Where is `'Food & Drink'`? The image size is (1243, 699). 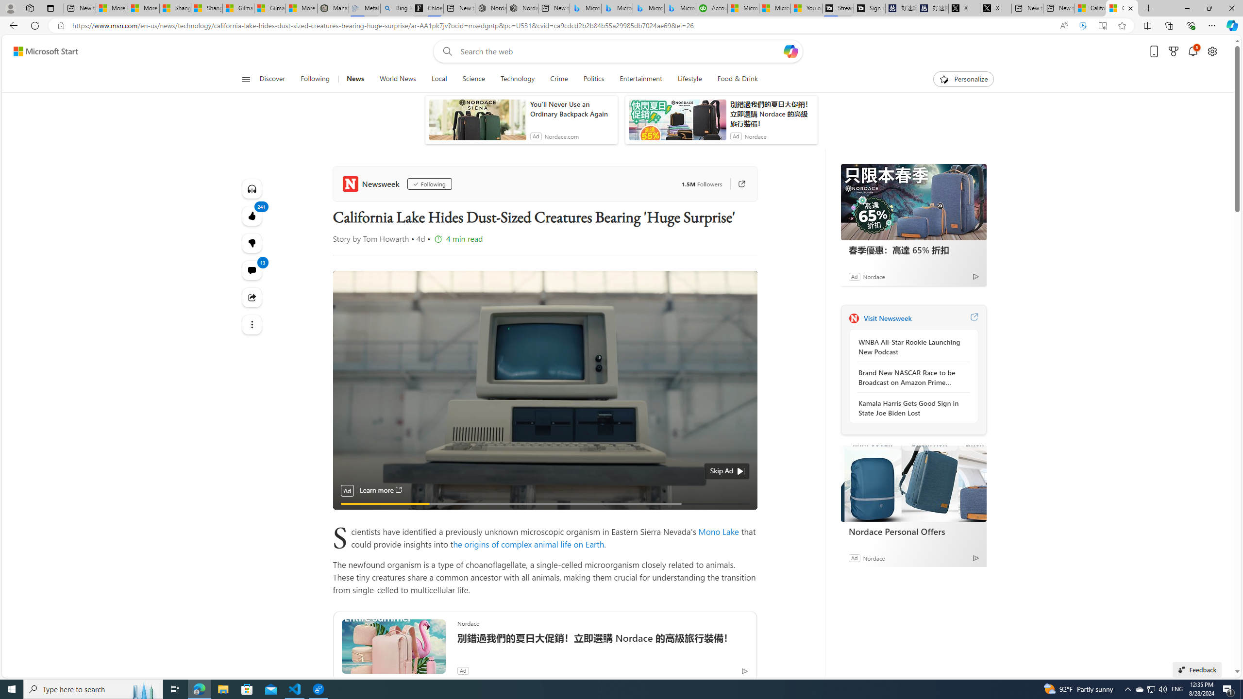
'Food & Drink' is located at coordinates (738, 79).